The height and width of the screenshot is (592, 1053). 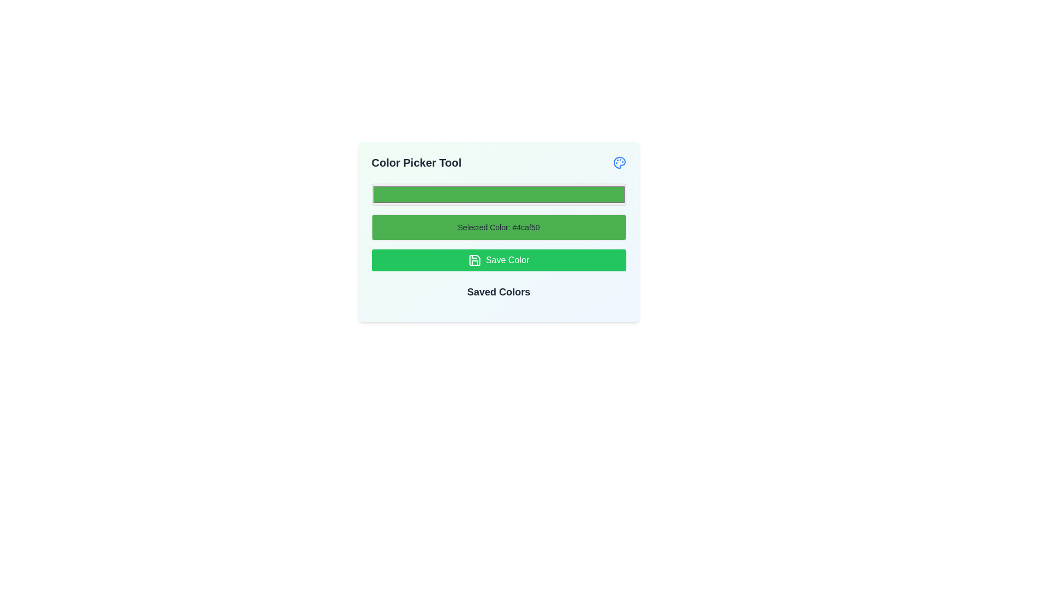 What do you see at coordinates (619, 163) in the screenshot?
I see `the color selection icon, which is a small palette-shaped icon with colorful dots, located in the top-right corner of the 'Color Picker Tool' panel` at bounding box center [619, 163].